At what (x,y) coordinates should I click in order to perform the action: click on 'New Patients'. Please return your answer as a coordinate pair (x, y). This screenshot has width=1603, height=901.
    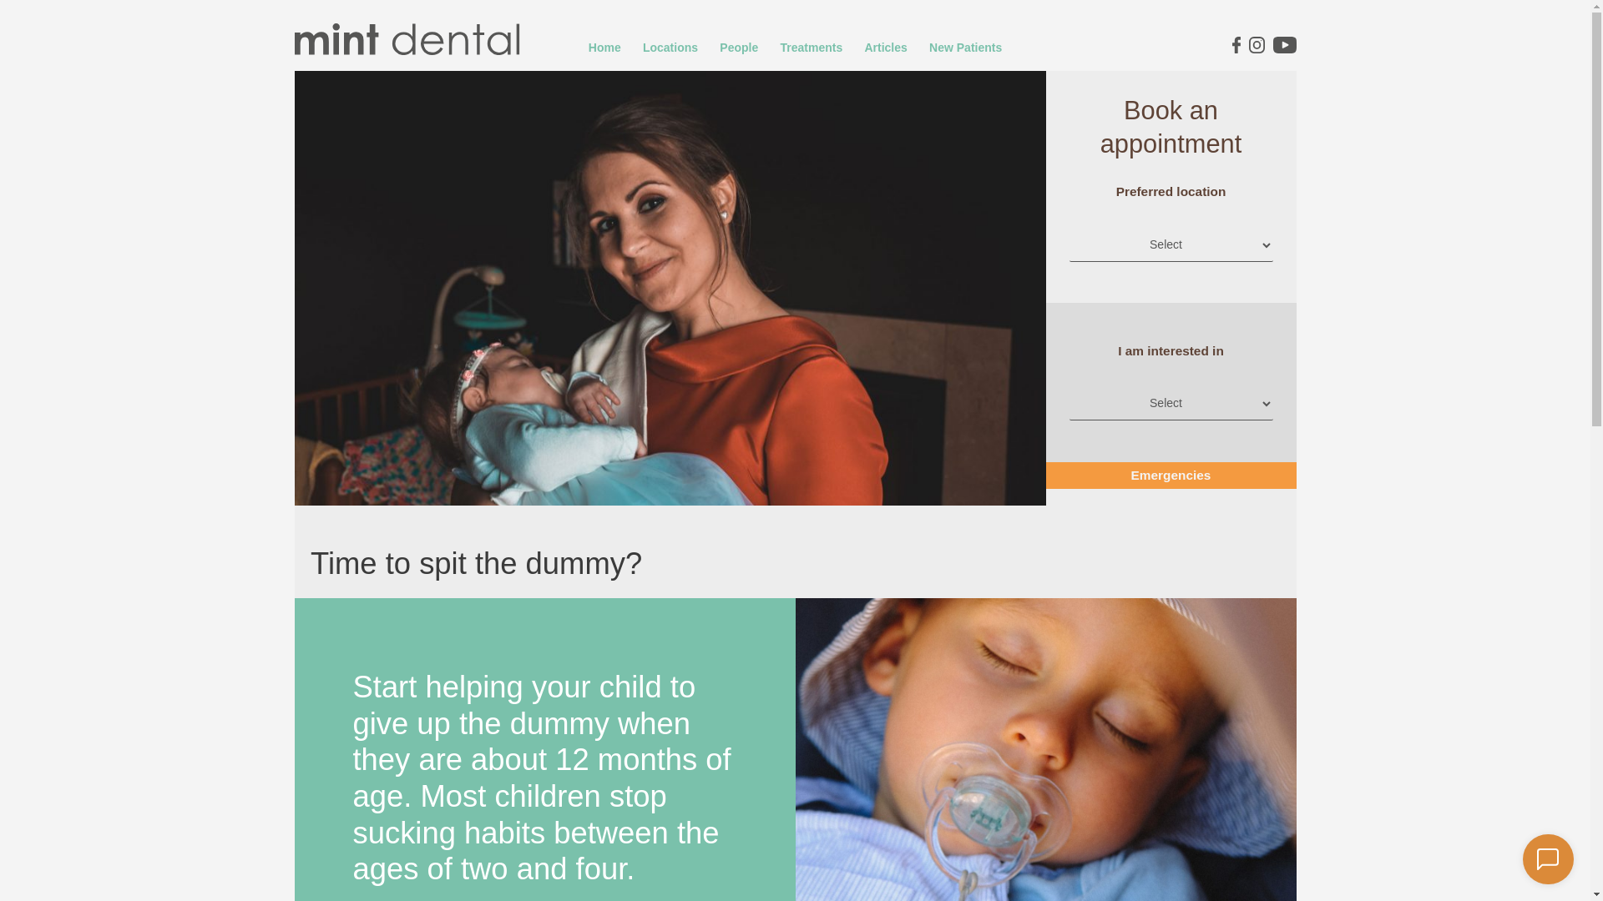
    Looking at the image, I should click on (919, 47).